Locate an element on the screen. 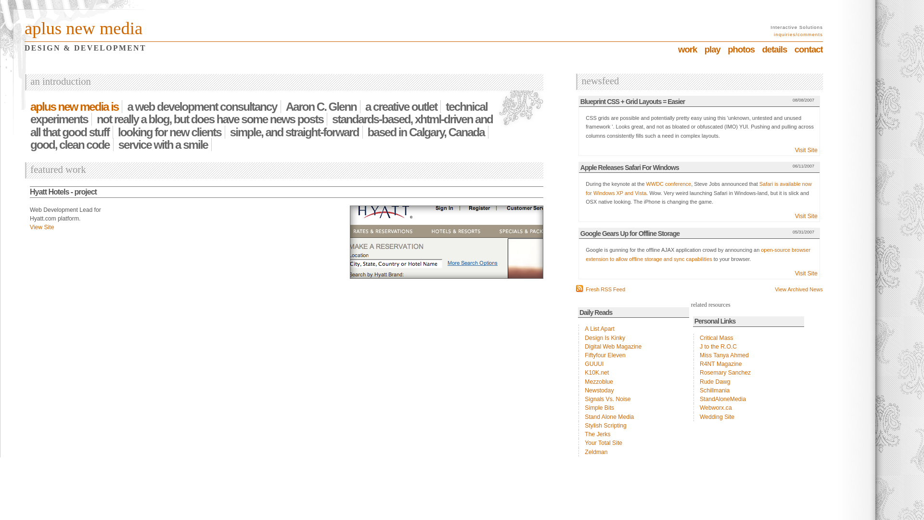 The height and width of the screenshot is (520, 924). 'play' is located at coordinates (712, 49).